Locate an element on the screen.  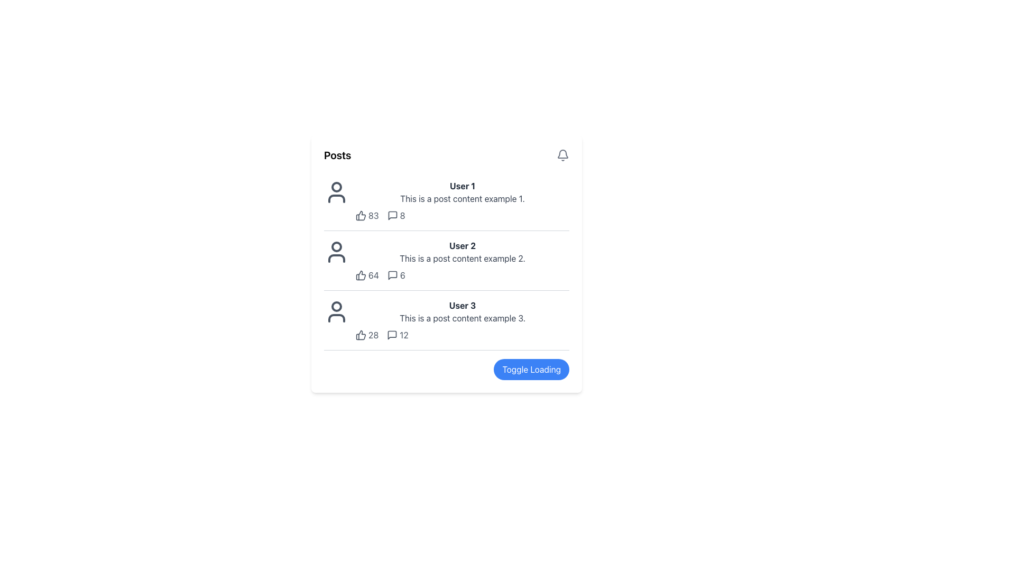
the text label displaying the total count of likes for the third post, positioned to the right of the thumbs-up icon is located at coordinates (373, 335).